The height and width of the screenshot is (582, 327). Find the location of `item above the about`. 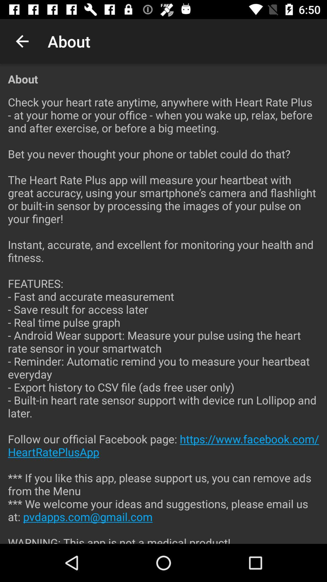

item above the about is located at coordinates (22, 41).